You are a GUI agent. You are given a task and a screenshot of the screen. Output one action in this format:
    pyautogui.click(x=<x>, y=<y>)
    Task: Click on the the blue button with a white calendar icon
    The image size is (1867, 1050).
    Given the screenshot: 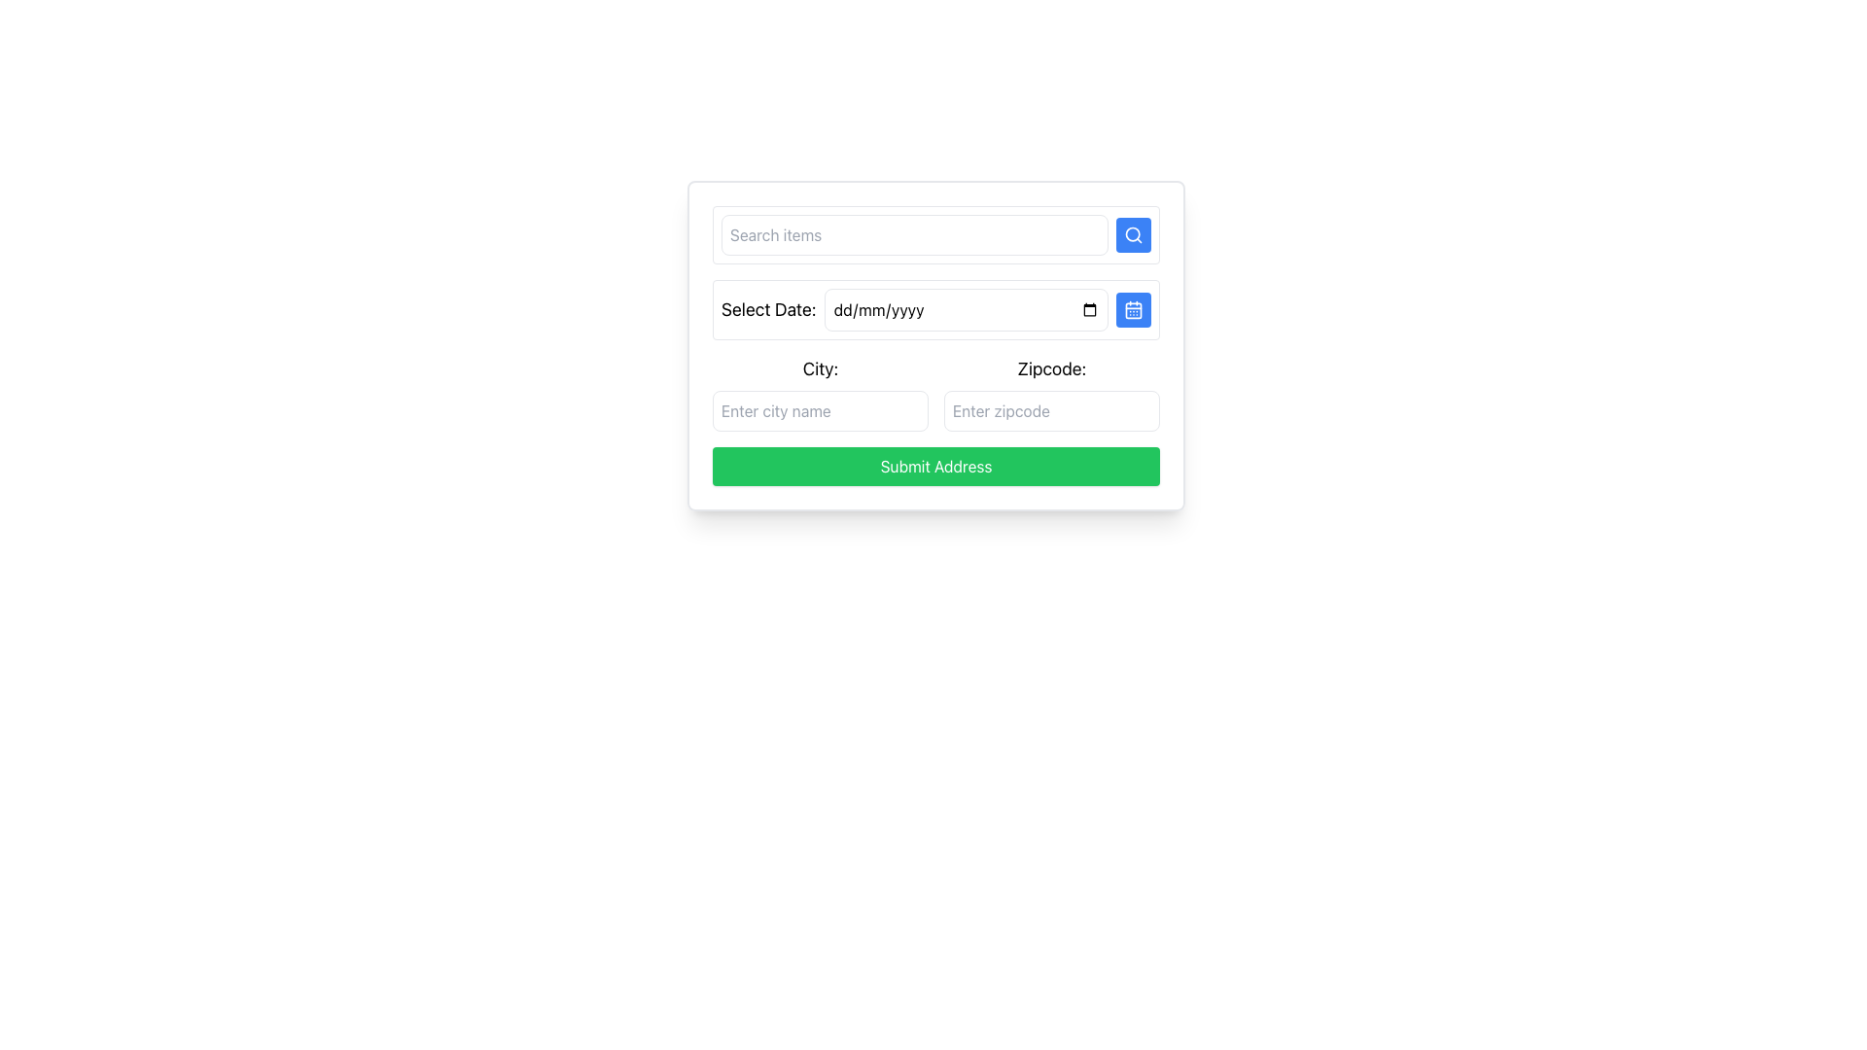 What is the action you would take?
    pyautogui.click(x=1134, y=309)
    